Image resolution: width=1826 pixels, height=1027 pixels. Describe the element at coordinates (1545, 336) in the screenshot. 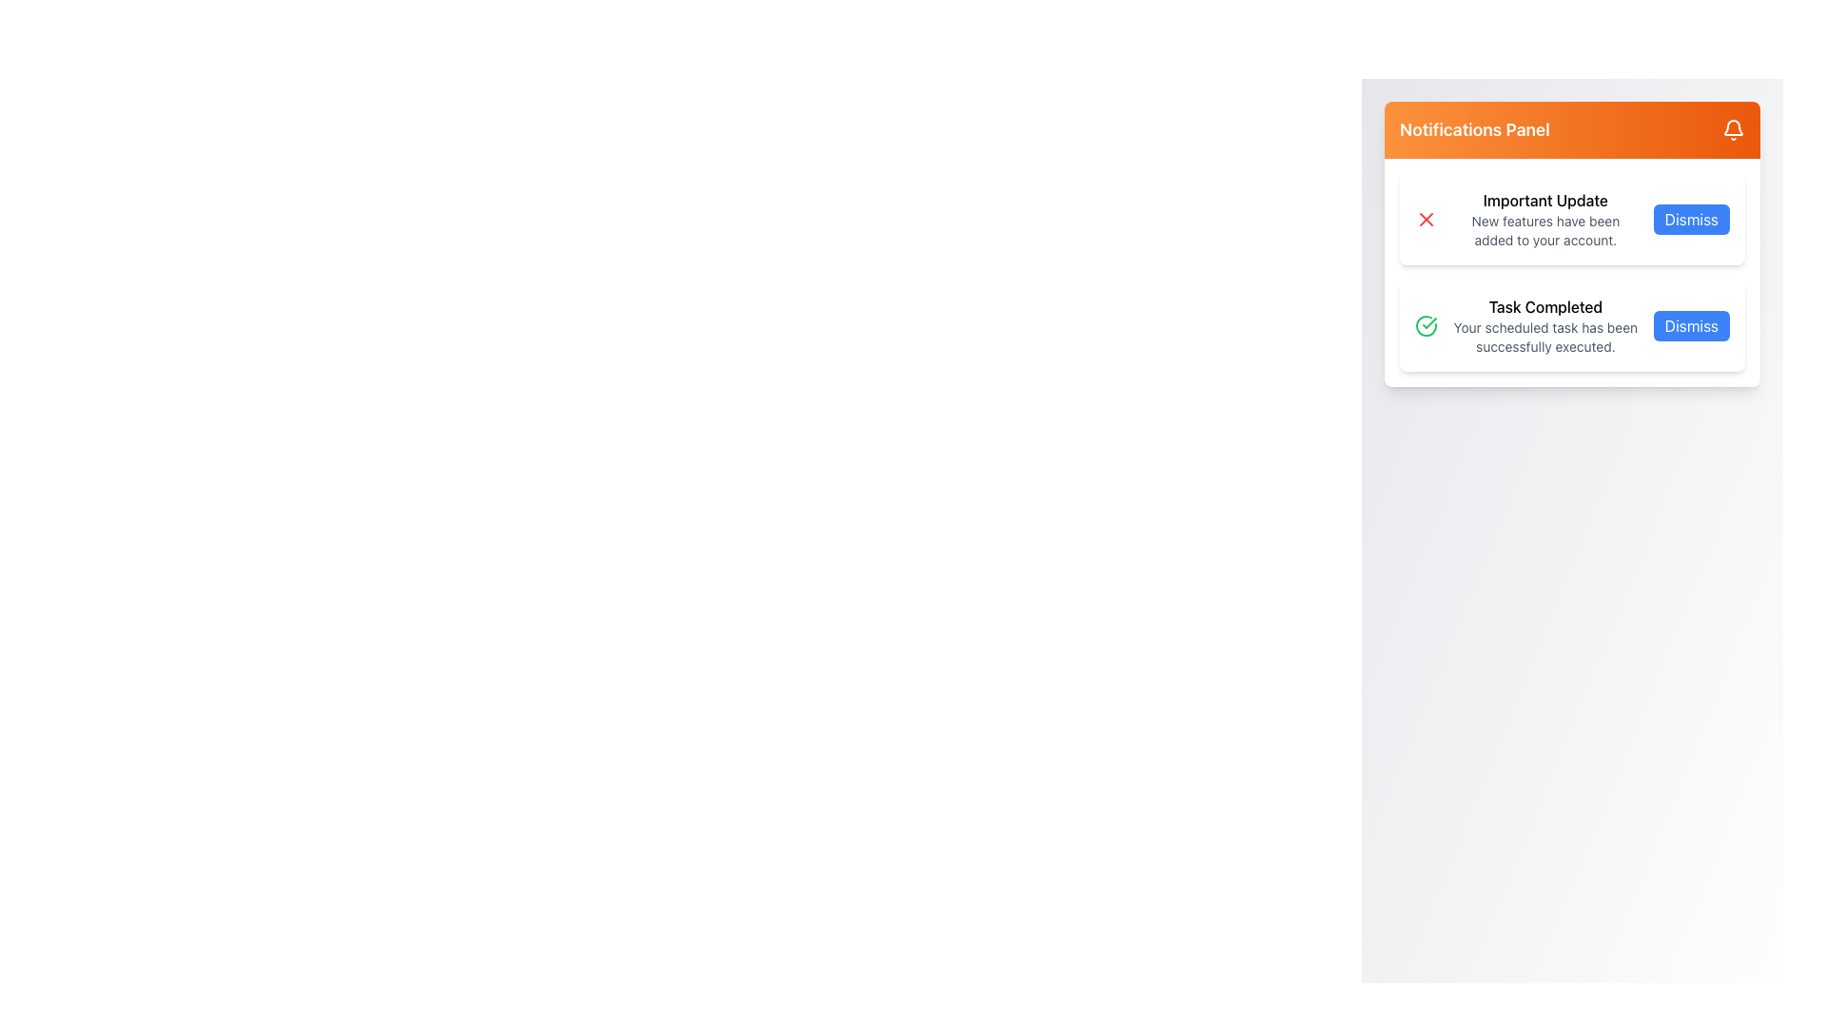

I see `text from the notification label that says, 'Your scheduled task has been successfully executed.' located within the 'Task Completed' notification card` at that location.